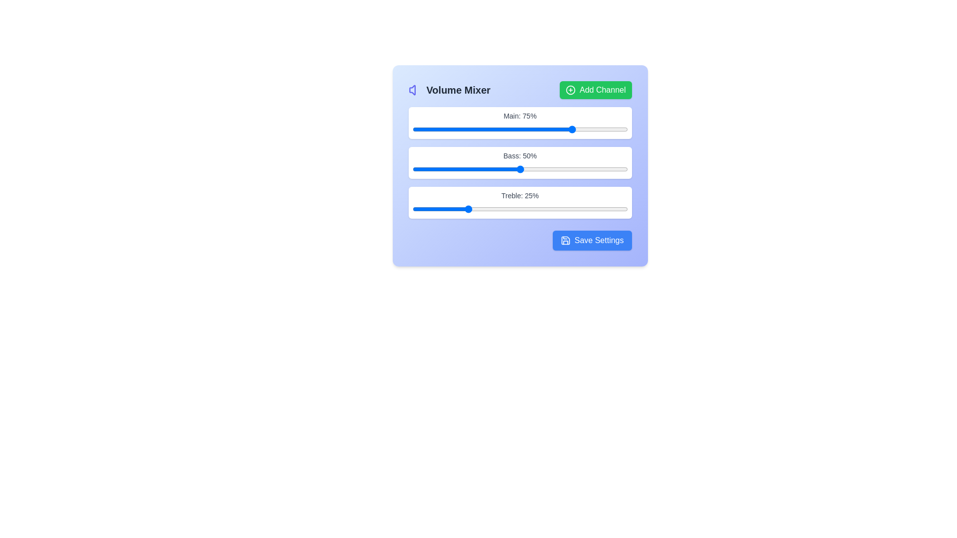  What do you see at coordinates (519, 155) in the screenshot?
I see `the static text label indicating the current bass level setting, which is centrally located in the 'Volume Mixer' section` at bounding box center [519, 155].